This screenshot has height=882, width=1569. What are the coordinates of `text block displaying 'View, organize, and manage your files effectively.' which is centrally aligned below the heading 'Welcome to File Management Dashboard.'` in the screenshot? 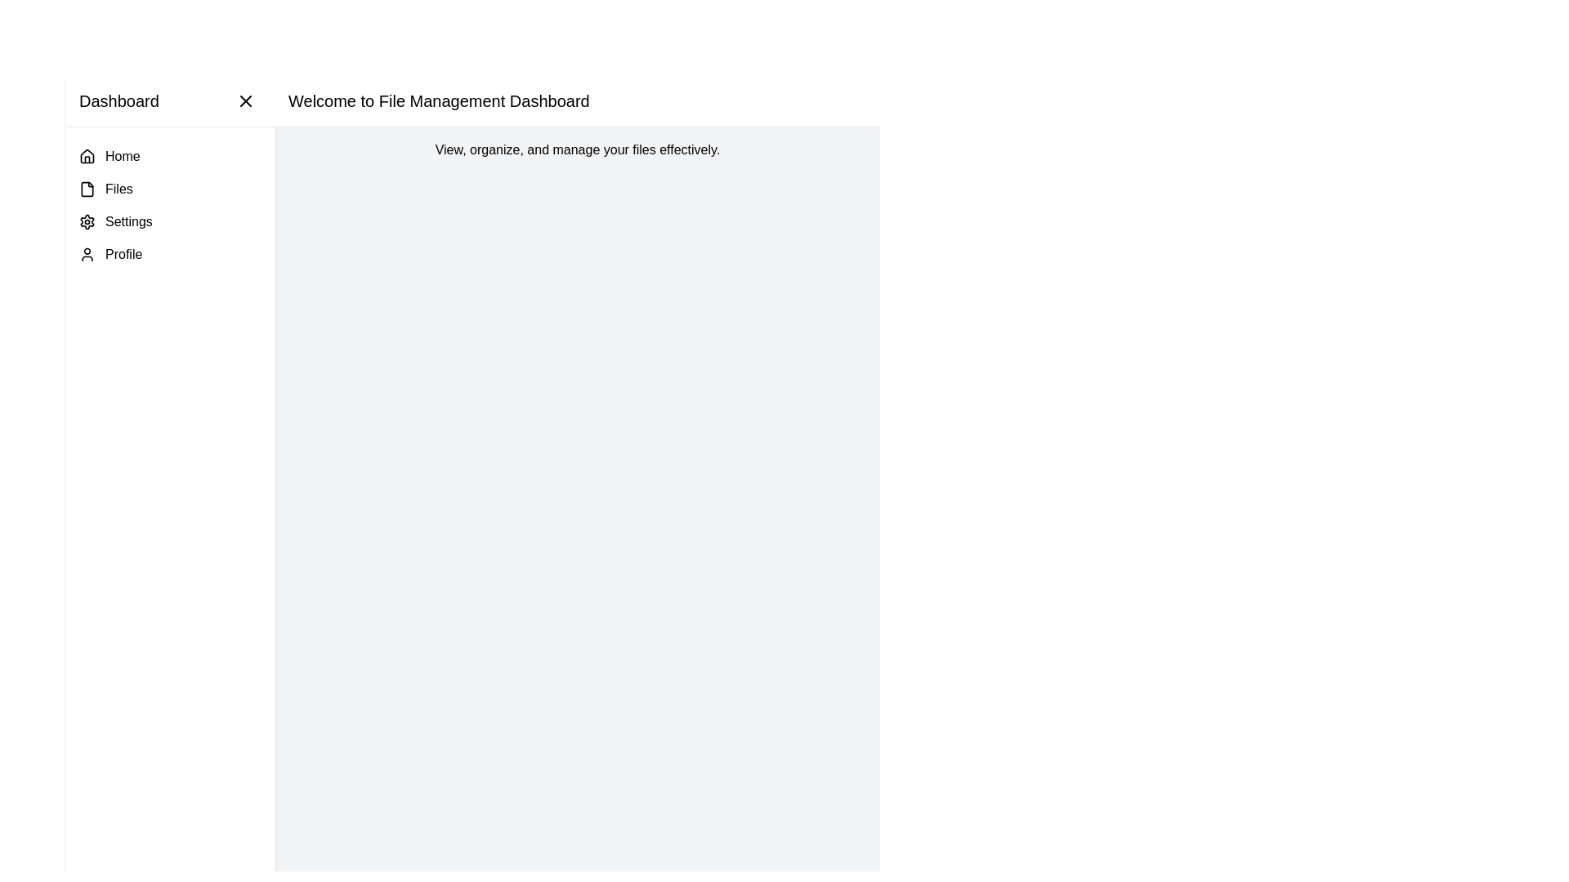 It's located at (577, 150).